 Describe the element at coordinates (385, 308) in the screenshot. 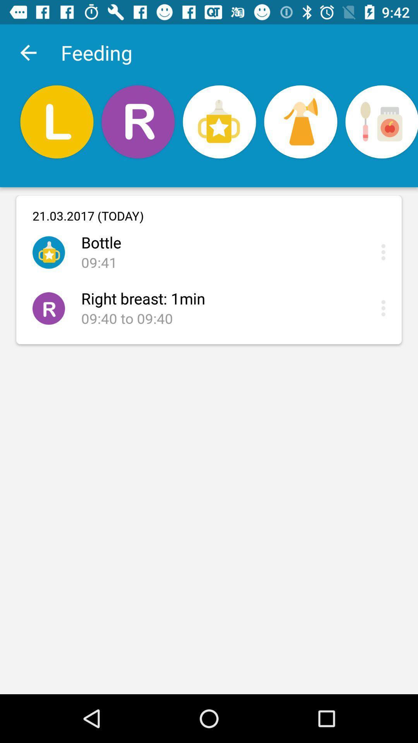

I see `open the menu` at that location.